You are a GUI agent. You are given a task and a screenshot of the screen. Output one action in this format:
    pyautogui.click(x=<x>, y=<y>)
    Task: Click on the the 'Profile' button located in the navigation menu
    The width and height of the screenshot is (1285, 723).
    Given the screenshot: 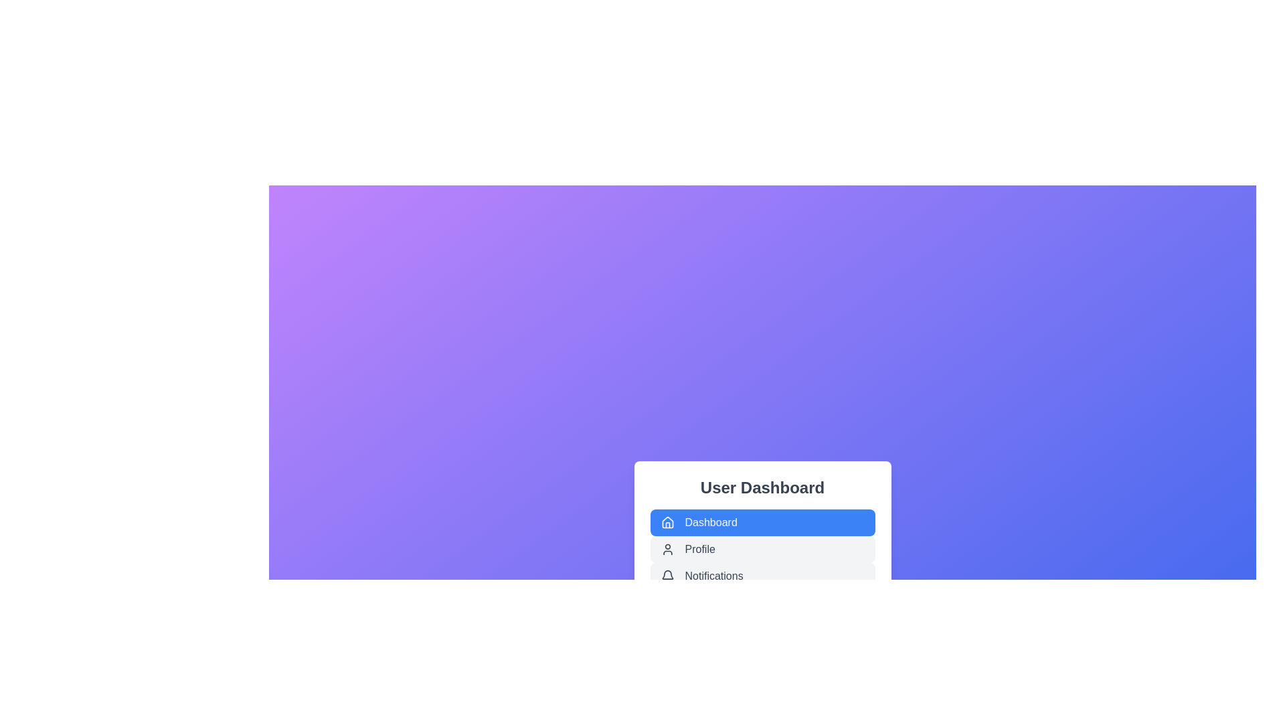 What is the action you would take?
    pyautogui.click(x=762, y=547)
    